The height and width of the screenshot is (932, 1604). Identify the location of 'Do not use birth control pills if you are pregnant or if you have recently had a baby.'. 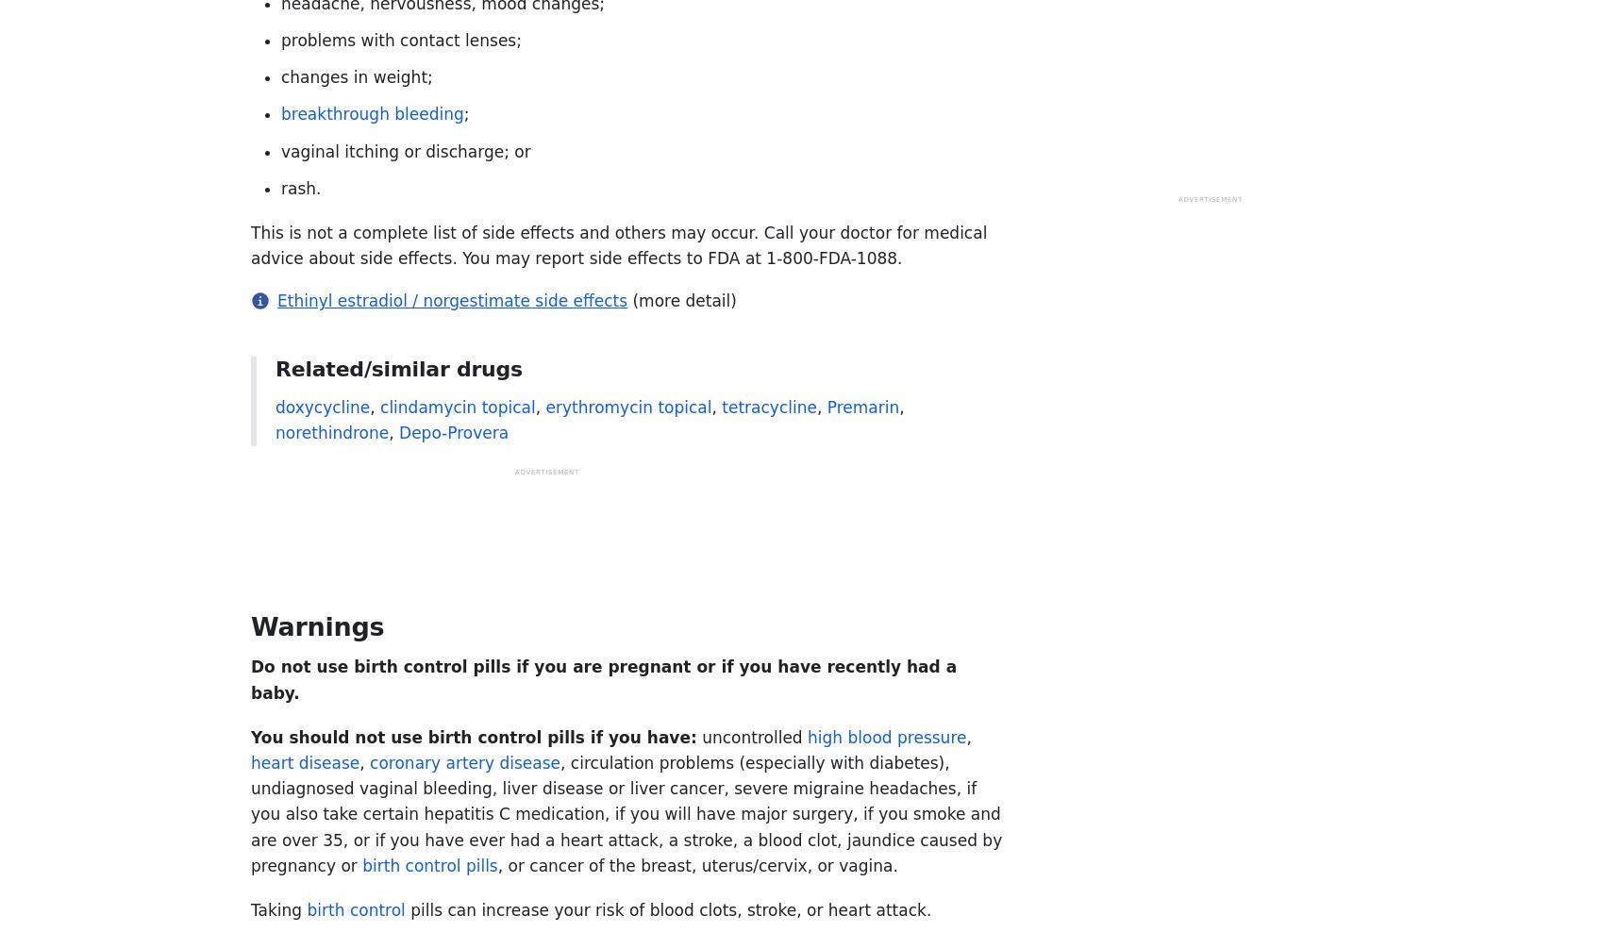
(604, 679).